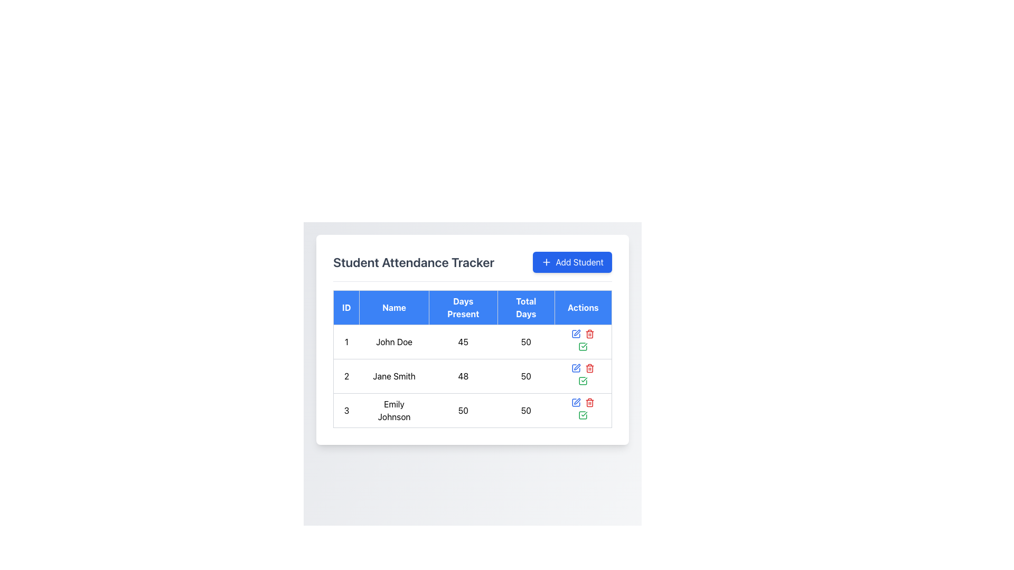 This screenshot has height=570, width=1014. What do you see at coordinates (346, 376) in the screenshot?
I see `the numerical text component displaying the value '2' in the second row, first column of the 'Student Attendance Tracker', under the column header 'ID'` at bounding box center [346, 376].